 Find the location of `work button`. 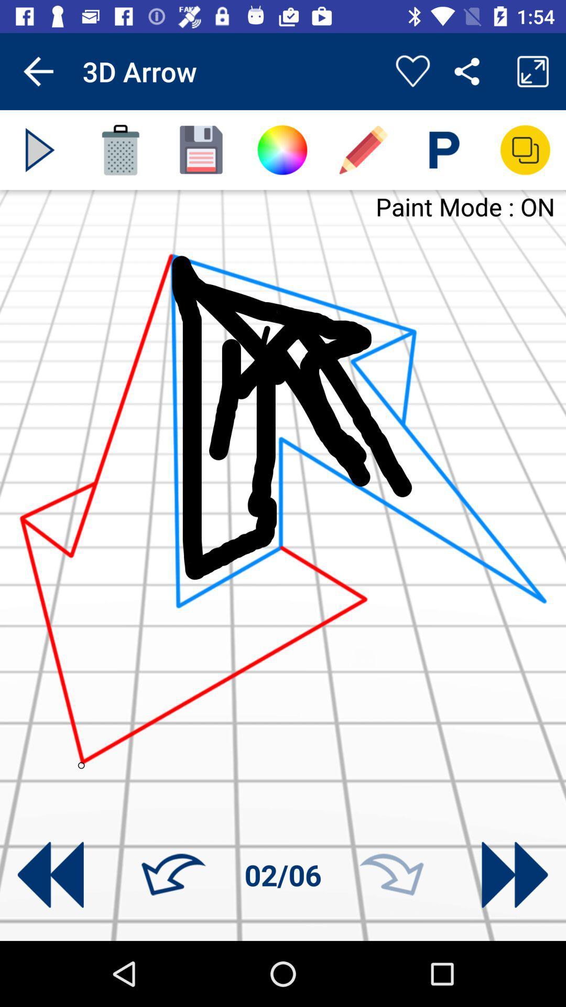

work button is located at coordinates (201, 149).